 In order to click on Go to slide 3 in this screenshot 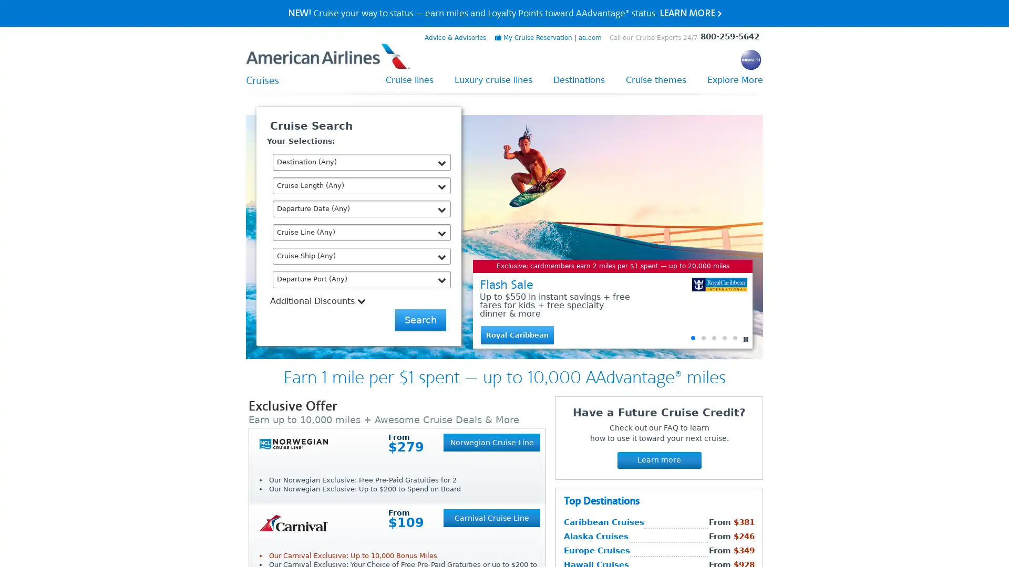, I will do `click(714, 338)`.